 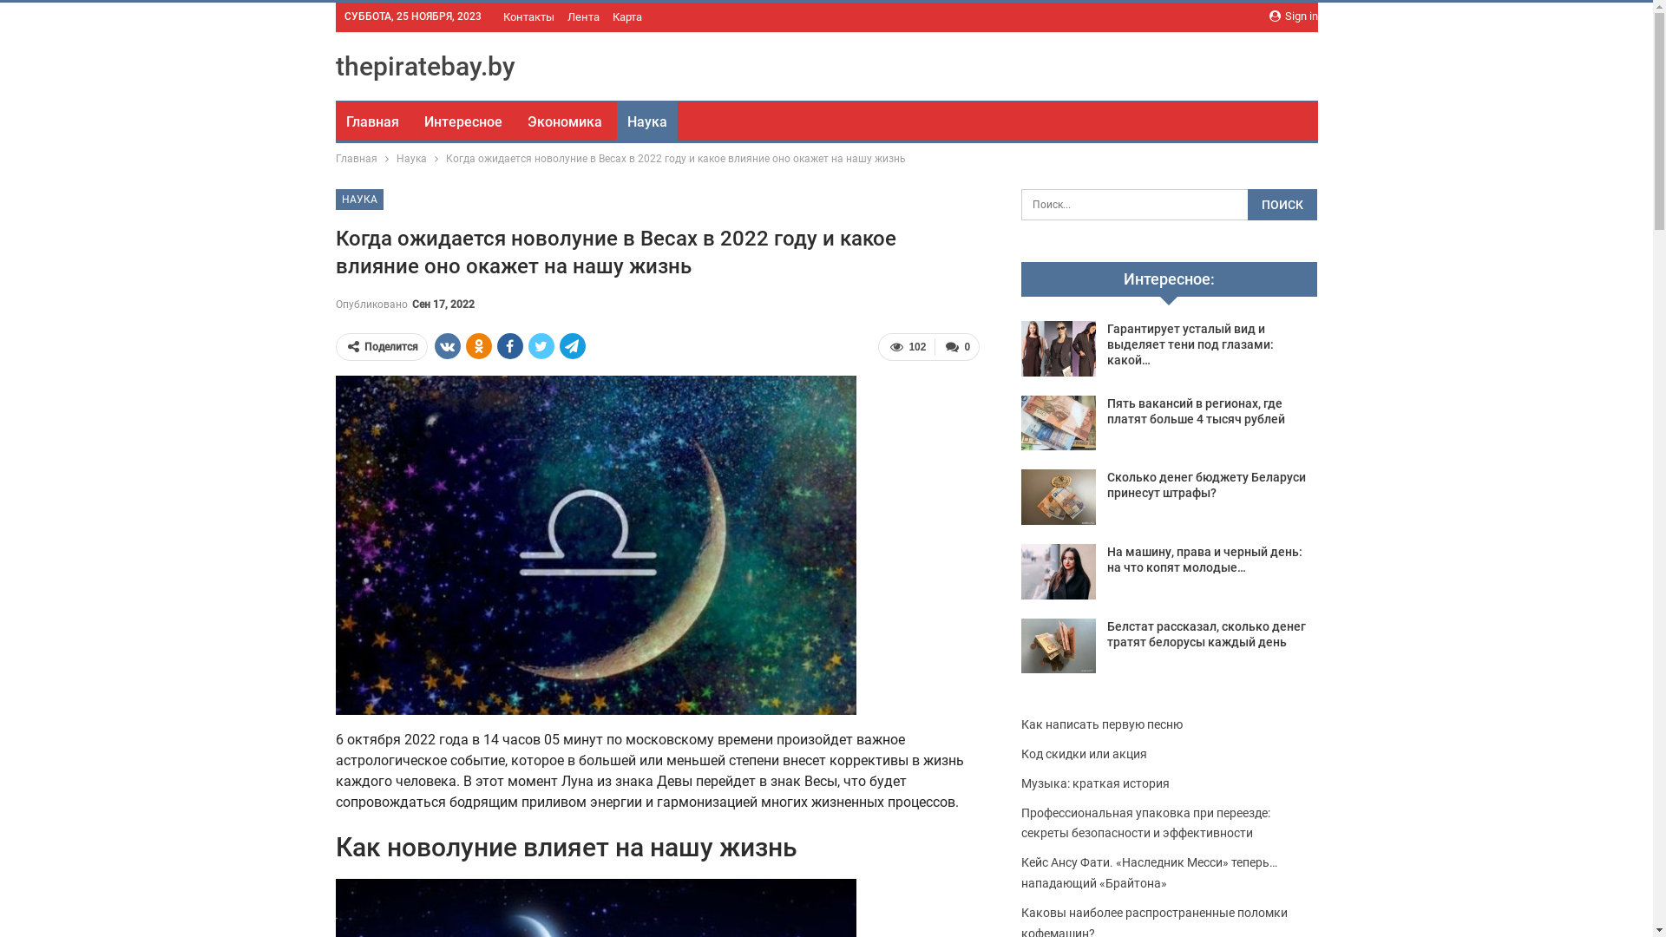 I want to click on 'thepiratebay.by', so click(x=334, y=65).